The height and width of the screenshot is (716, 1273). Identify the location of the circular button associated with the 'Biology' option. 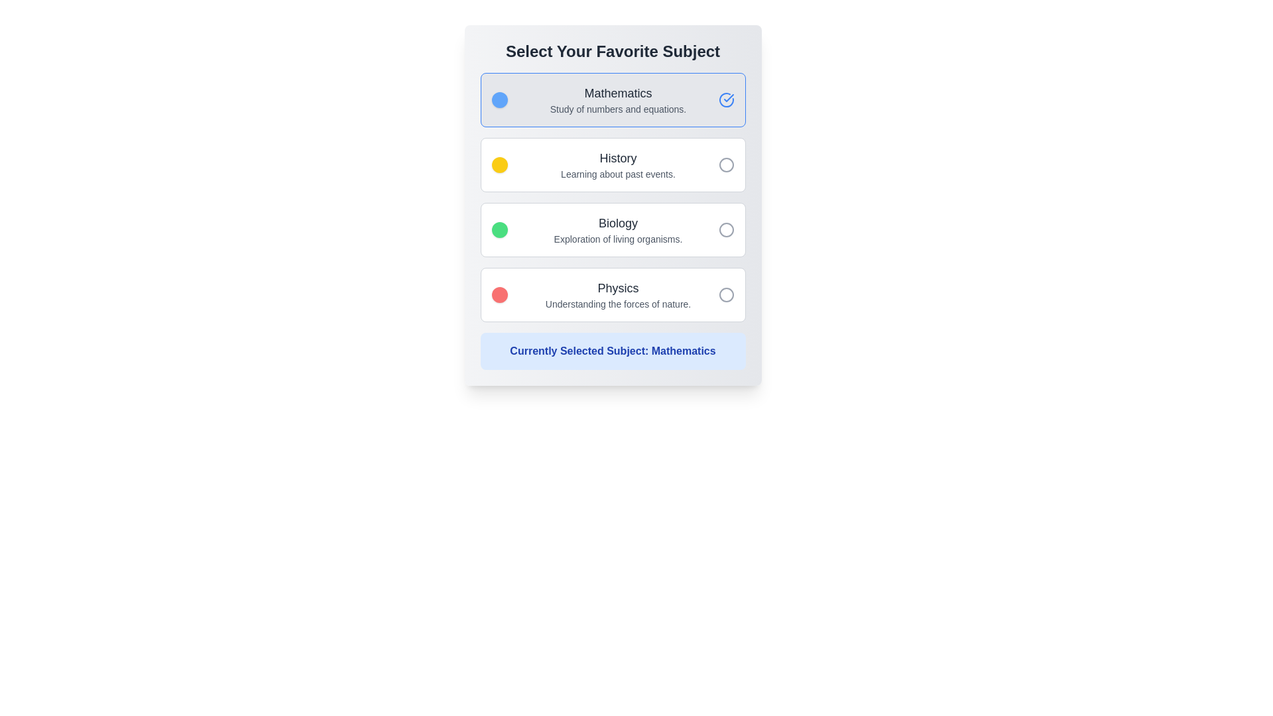
(725, 229).